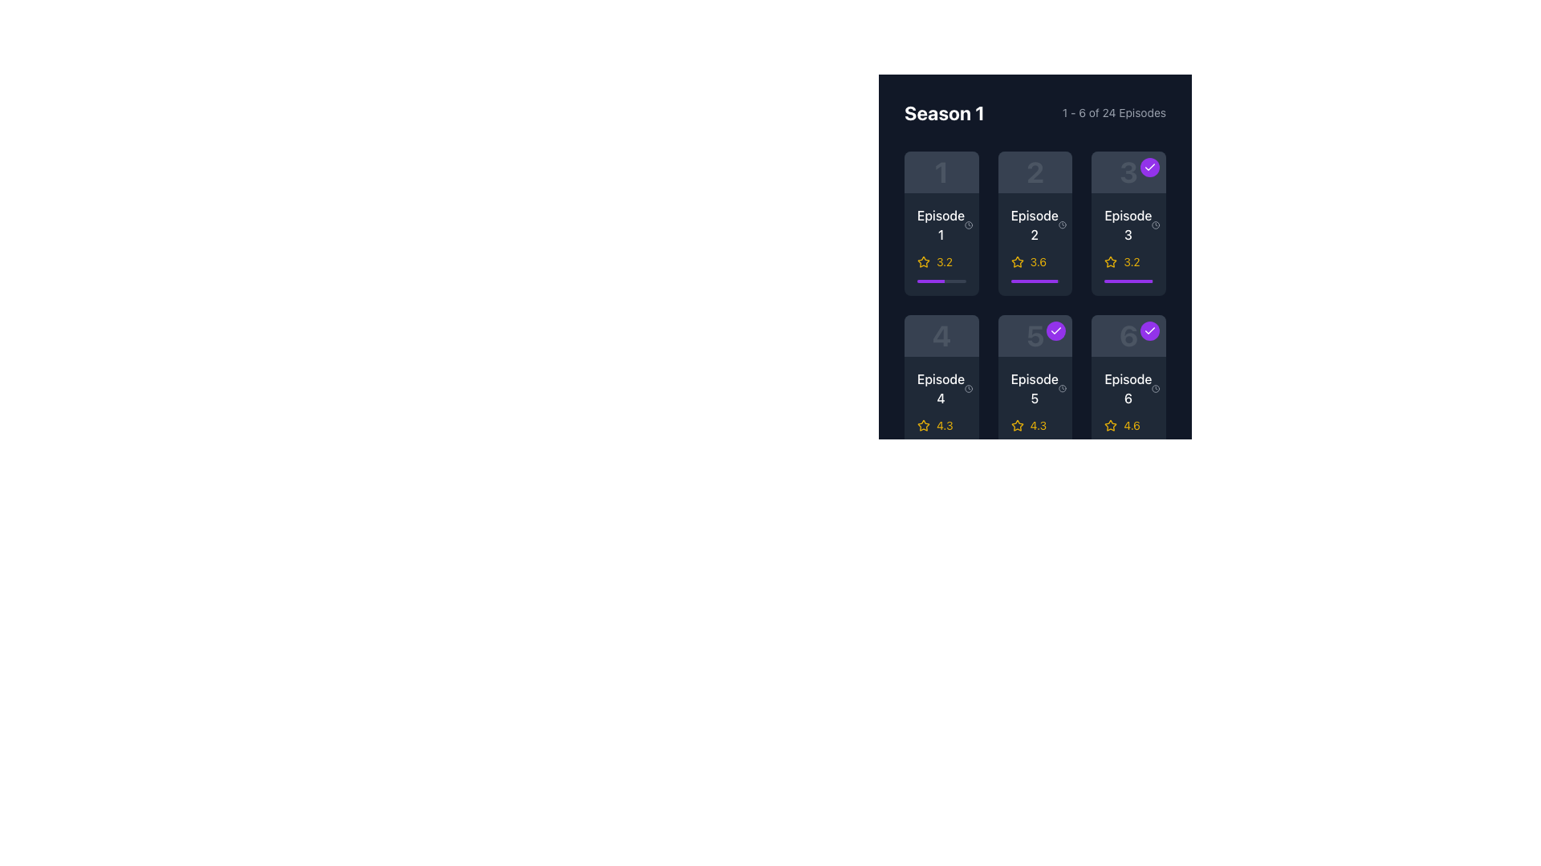  What do you see at coordinates (941, 225) in the screenshot?
I see `text label displaying 'Episode 1' which is centrally positioned on the dark card in the first column and first row of the episode grid` at bounding box center [941, 225].